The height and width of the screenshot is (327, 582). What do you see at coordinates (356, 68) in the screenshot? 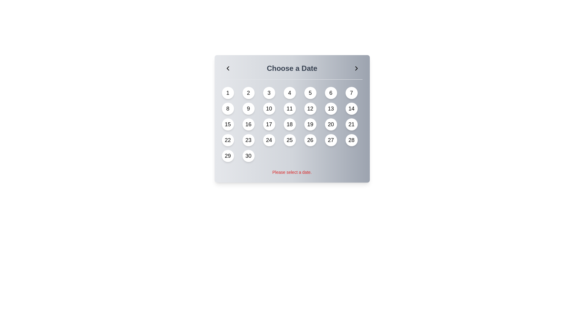
I see `the navigation button located near the top-right corner of the modal header to move to the next set of dates or months` at bounding box center [356, 68].